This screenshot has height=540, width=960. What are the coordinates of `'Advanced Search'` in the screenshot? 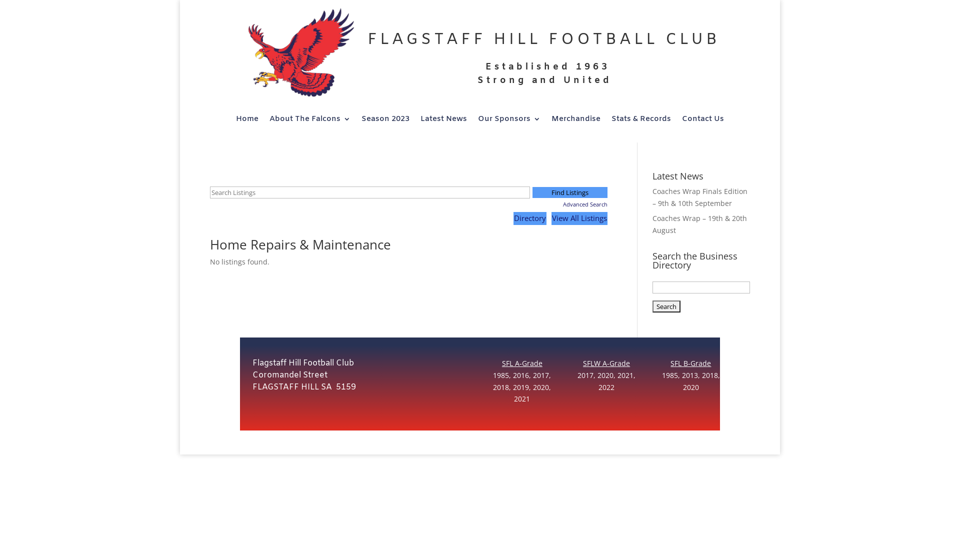 It's located at (570, 203).